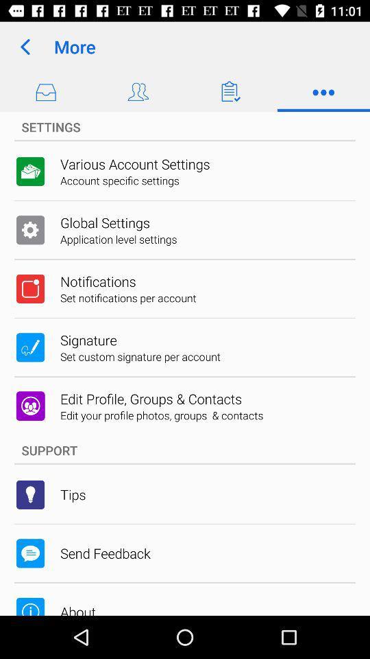 This screenshot has width=370, height=659. Describe the element at coordinates (73, 494) in the screenshot. I see `tips` at that location.